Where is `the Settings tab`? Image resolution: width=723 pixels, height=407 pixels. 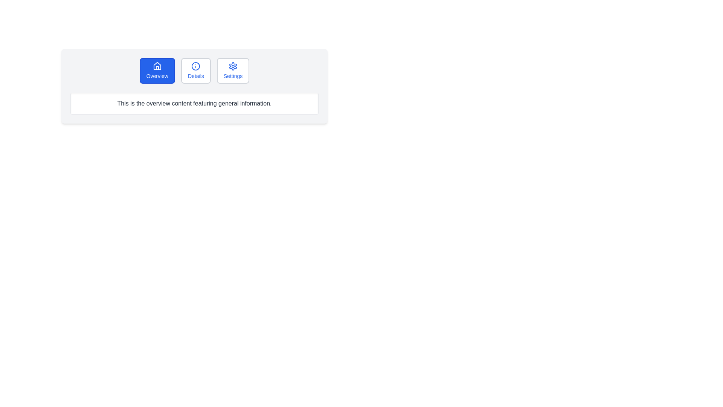
the Settings tab is located at coordinates (233, 71).